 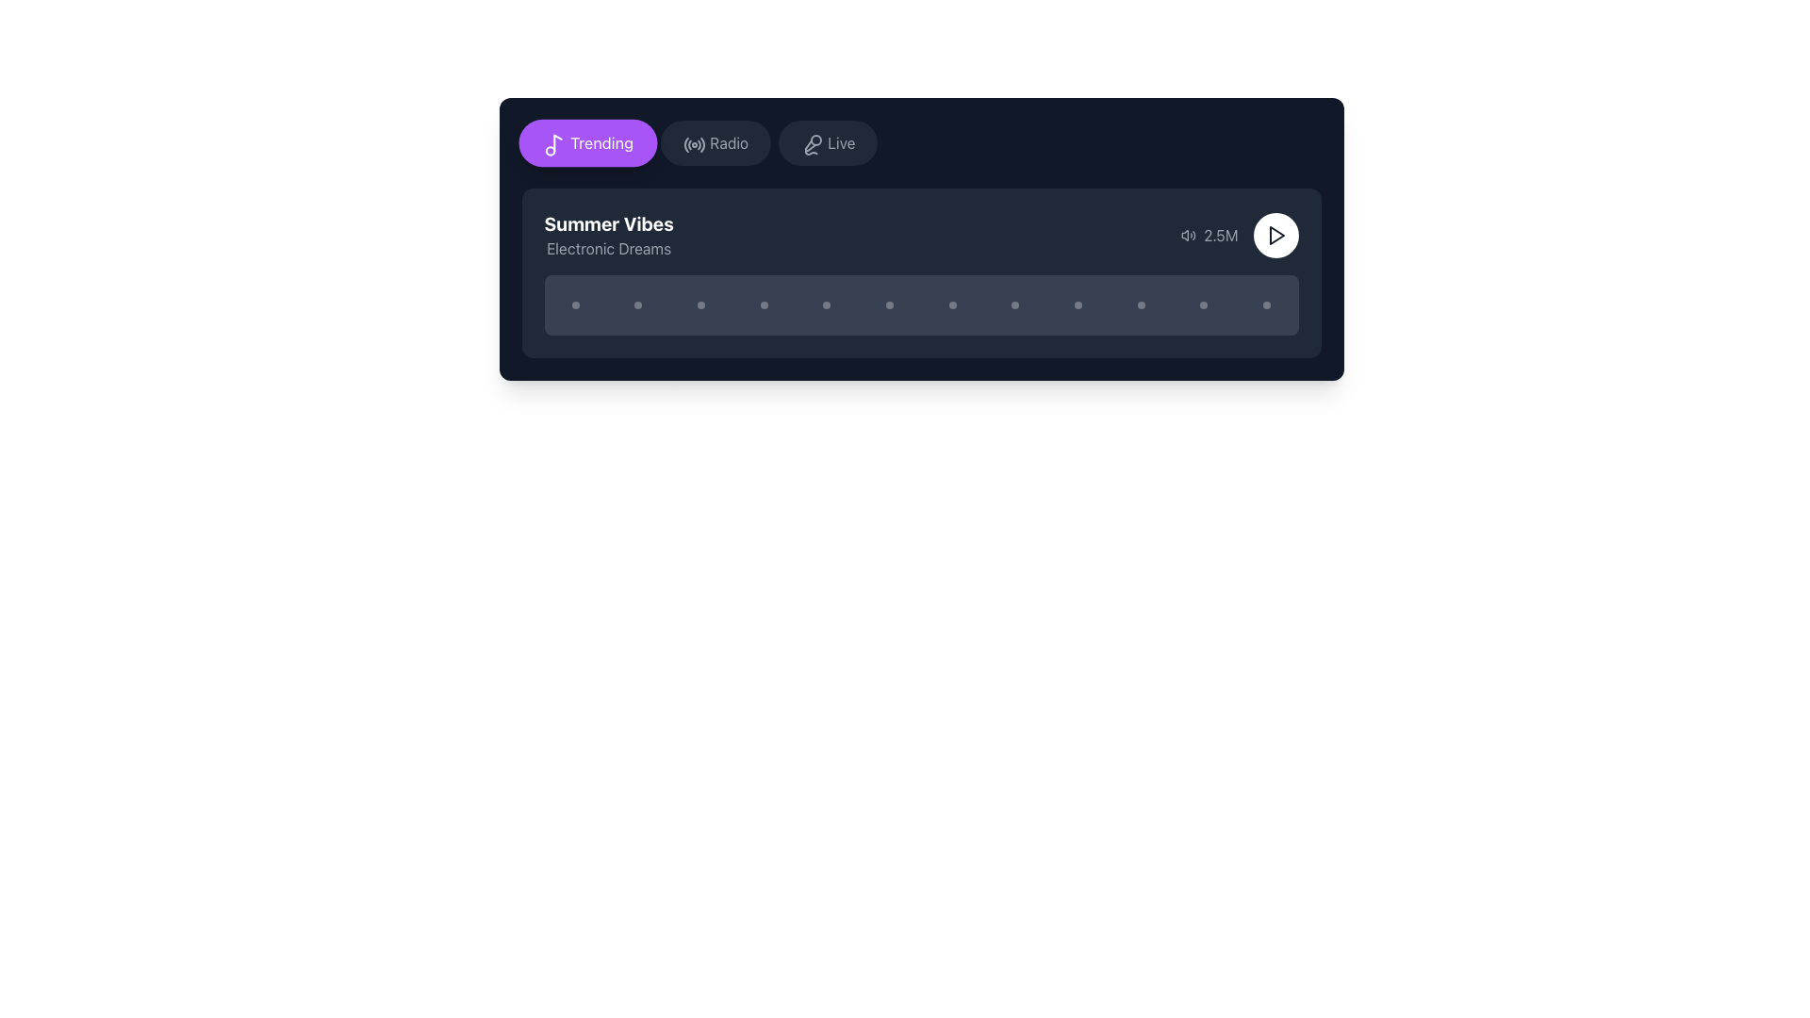 What do you see at coordinates (921, 304) in the screenshot?
I see `the progress indicator located at the bottom of the media card for the 'Summer Vibes' album, which shows playback progress` at bounding box center [921, 304].